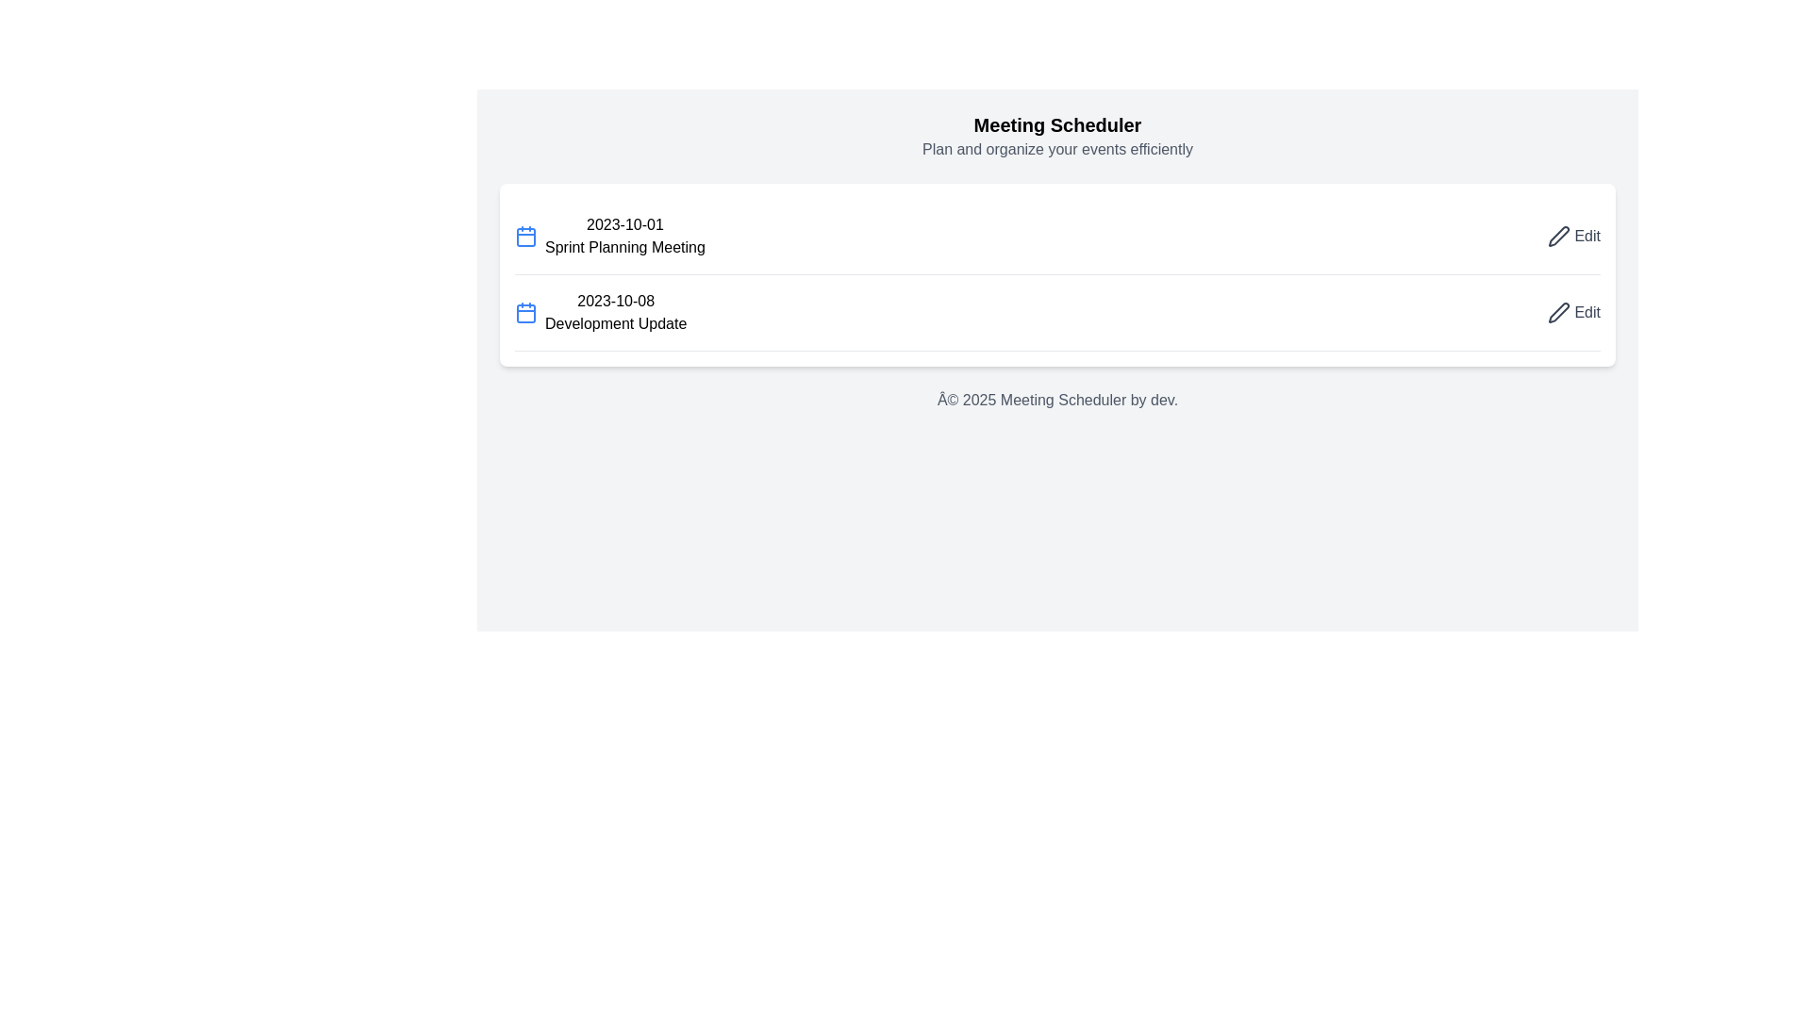  Describe the element at coordinates (1057, 148) in the screenshot. I see `the text label that reads 'Plan and organize your events efficiently', which is styled in light gray and positioned directly below the 'Meeting Scheduler' heading` at that location.